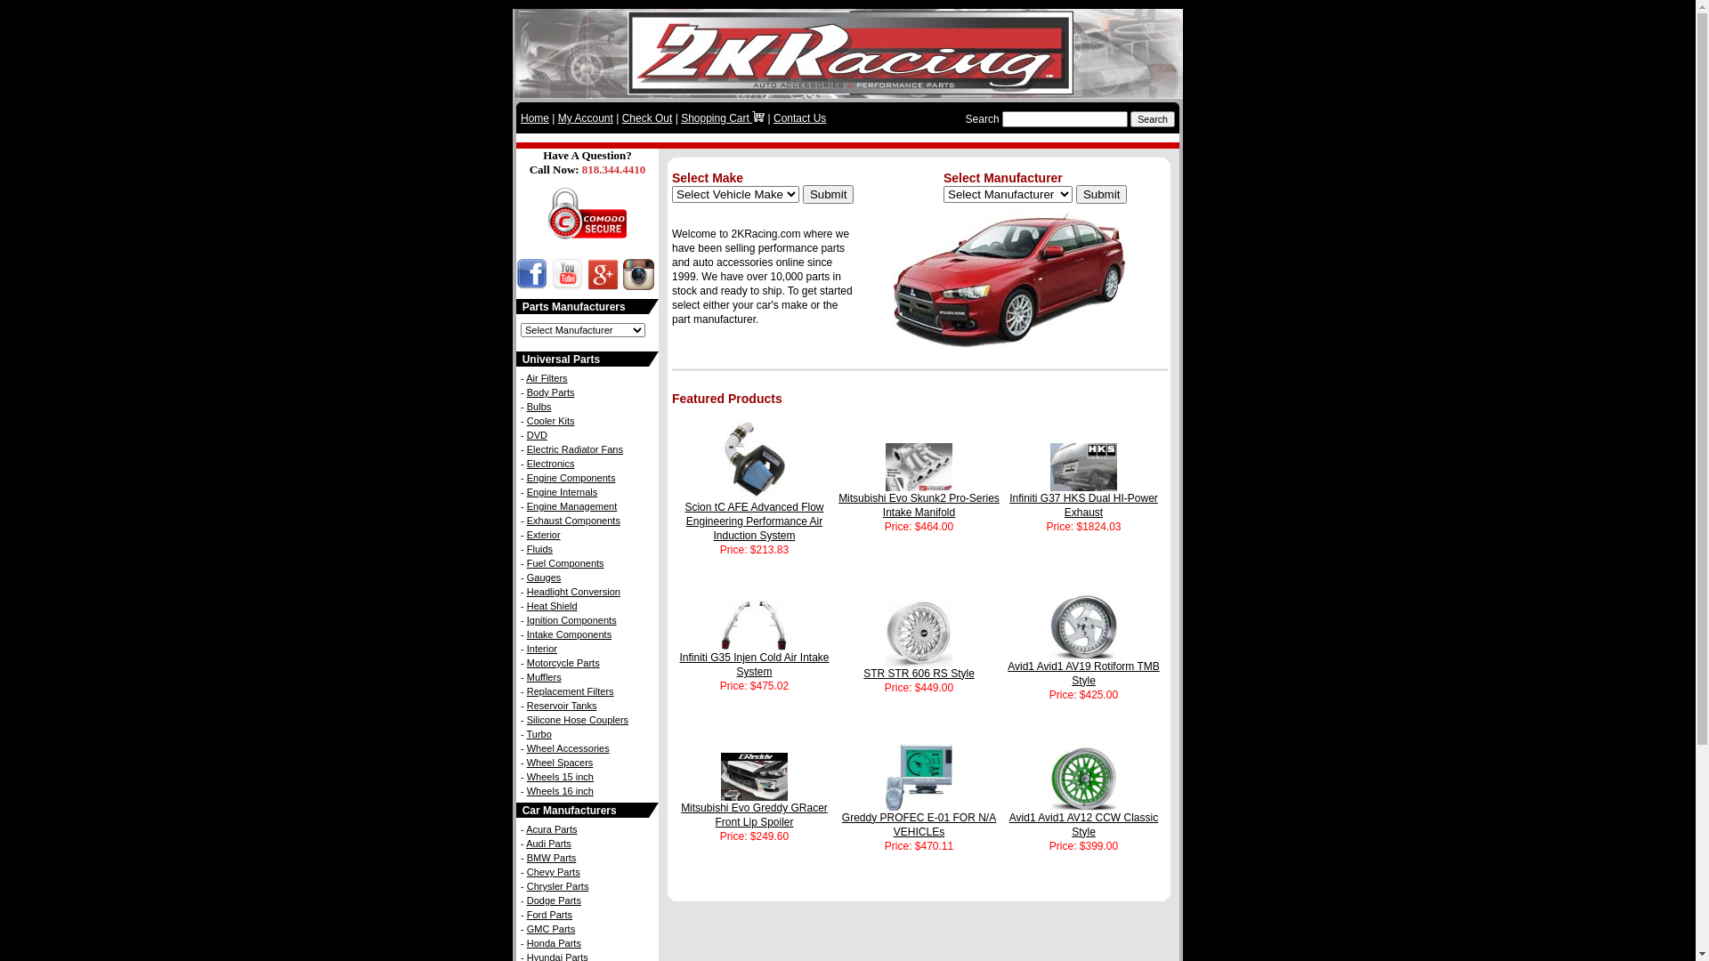 The height and width of the screenshot is (961, 1709). Describe the element at coordinates (546, 376) in the screenshot. I see `'Air Filters'` at that location.